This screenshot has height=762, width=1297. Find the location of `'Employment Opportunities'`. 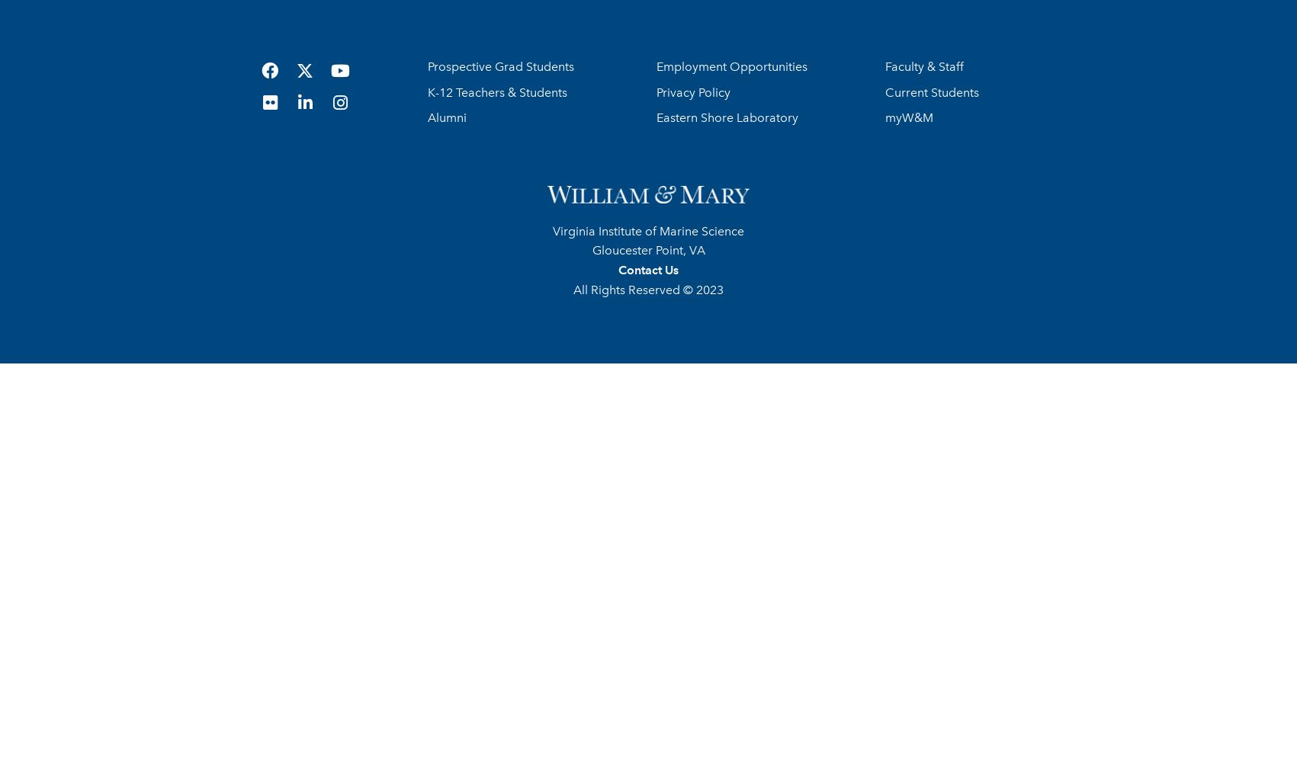

'Employment Opportunities' is located at coordinates (730, 66).